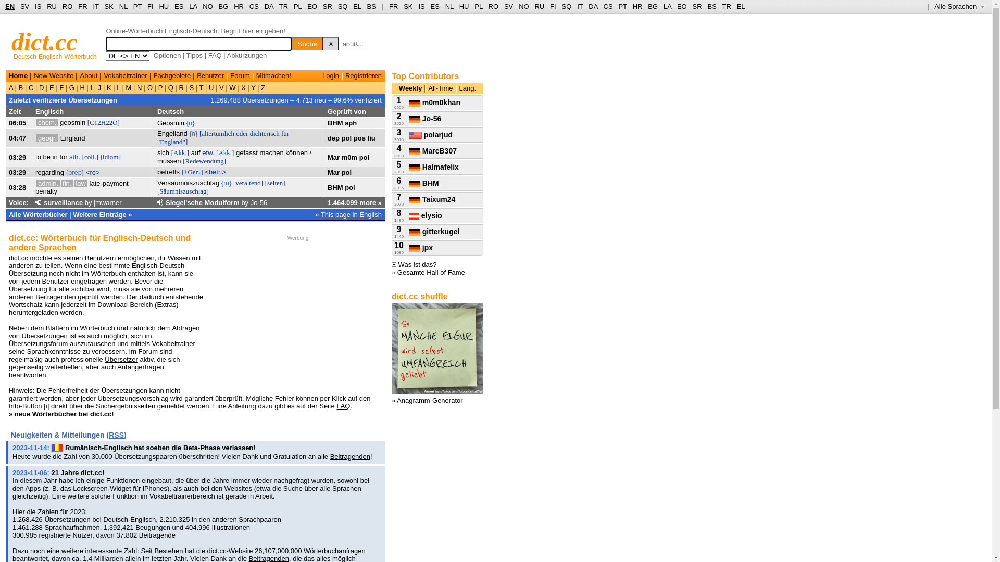 The height and width of the screenshot is (562, 1000). Describe the element at coordinates (99, 87) in the screenshot. I see `'J'` at that location.